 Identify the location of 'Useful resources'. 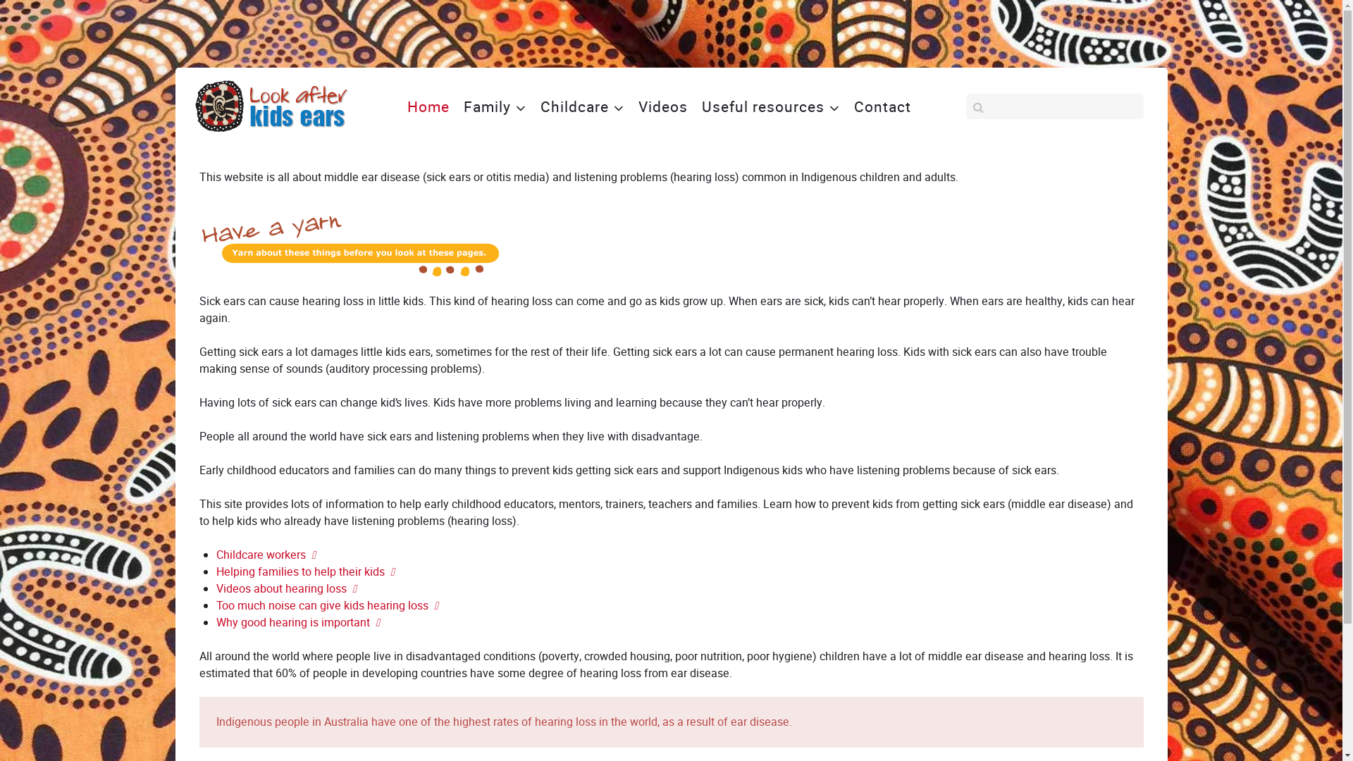
(770, 105).